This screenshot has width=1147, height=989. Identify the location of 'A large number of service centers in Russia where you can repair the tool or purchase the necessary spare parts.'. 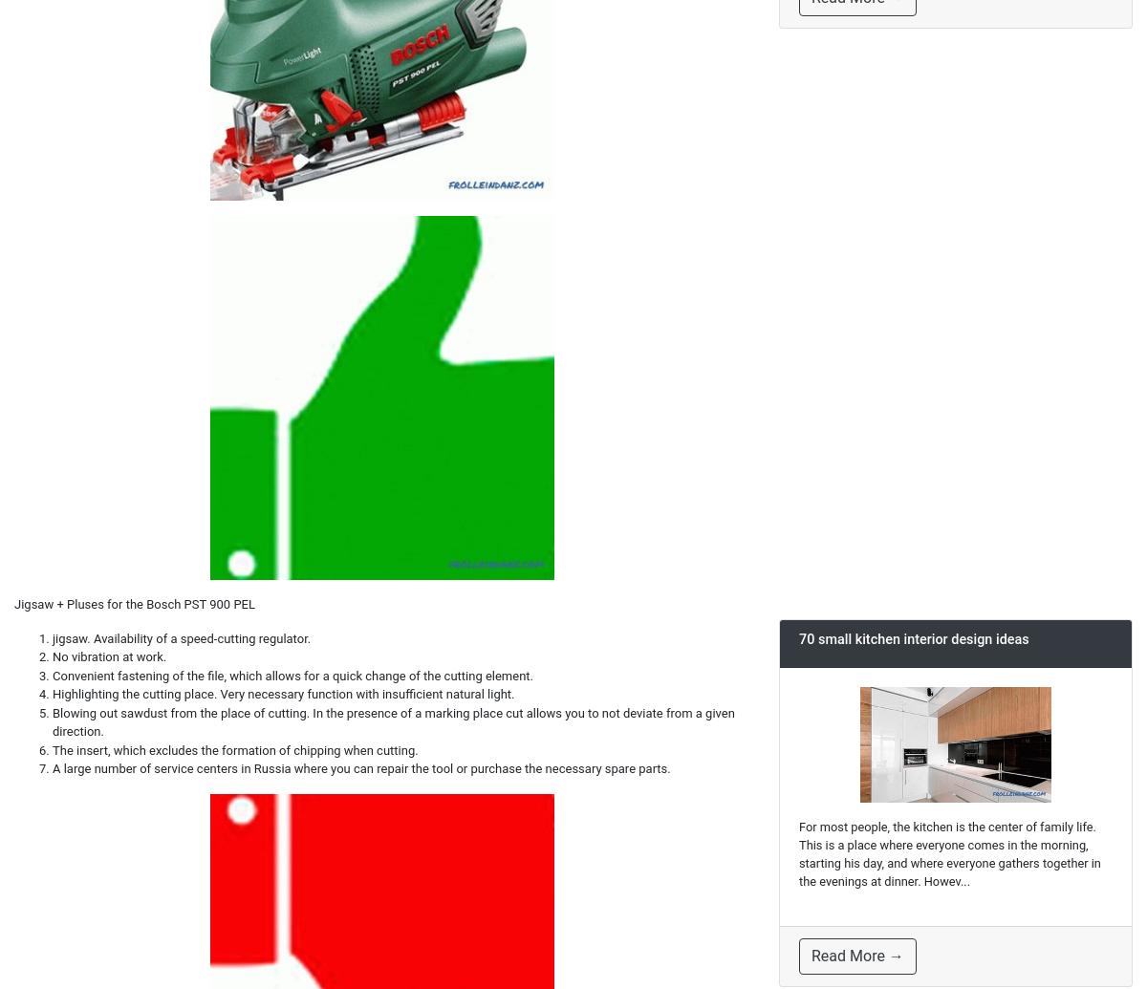
(361, 767).